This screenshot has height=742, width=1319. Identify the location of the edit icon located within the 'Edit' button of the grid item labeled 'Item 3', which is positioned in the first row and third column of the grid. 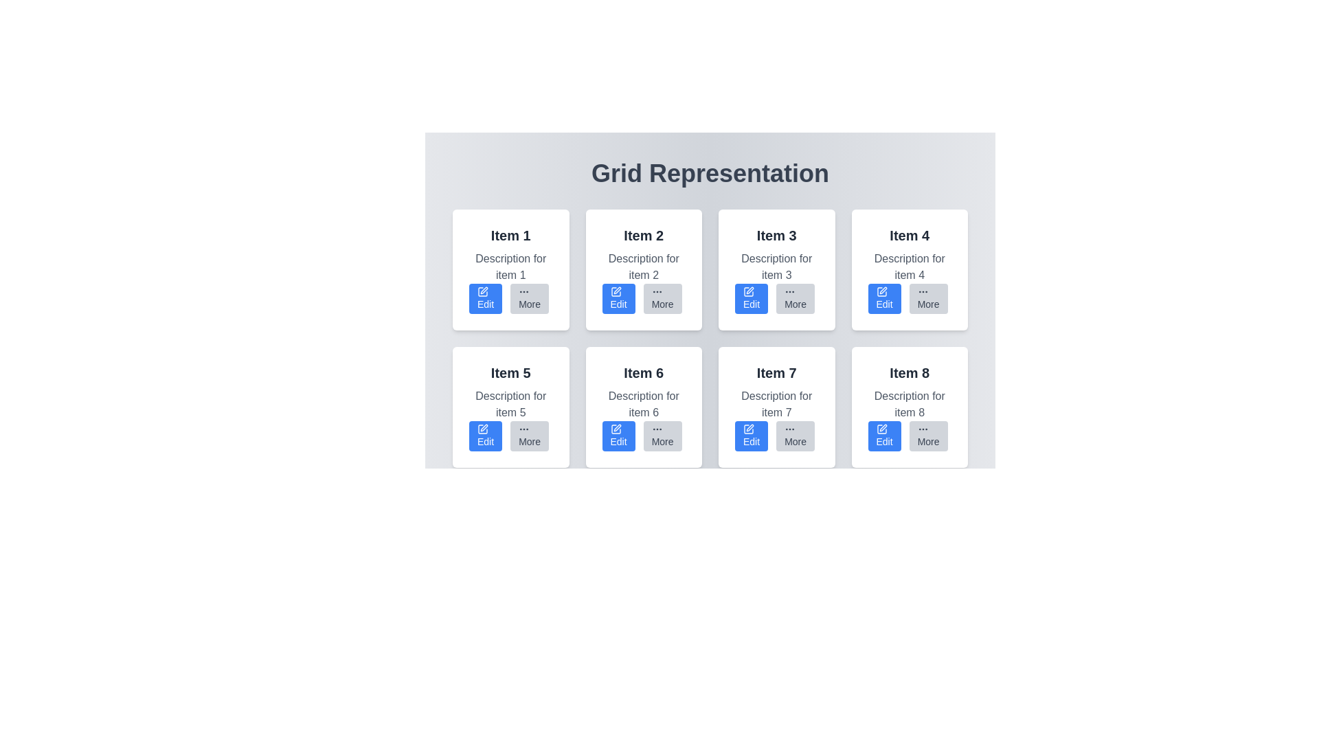
(747, 291).